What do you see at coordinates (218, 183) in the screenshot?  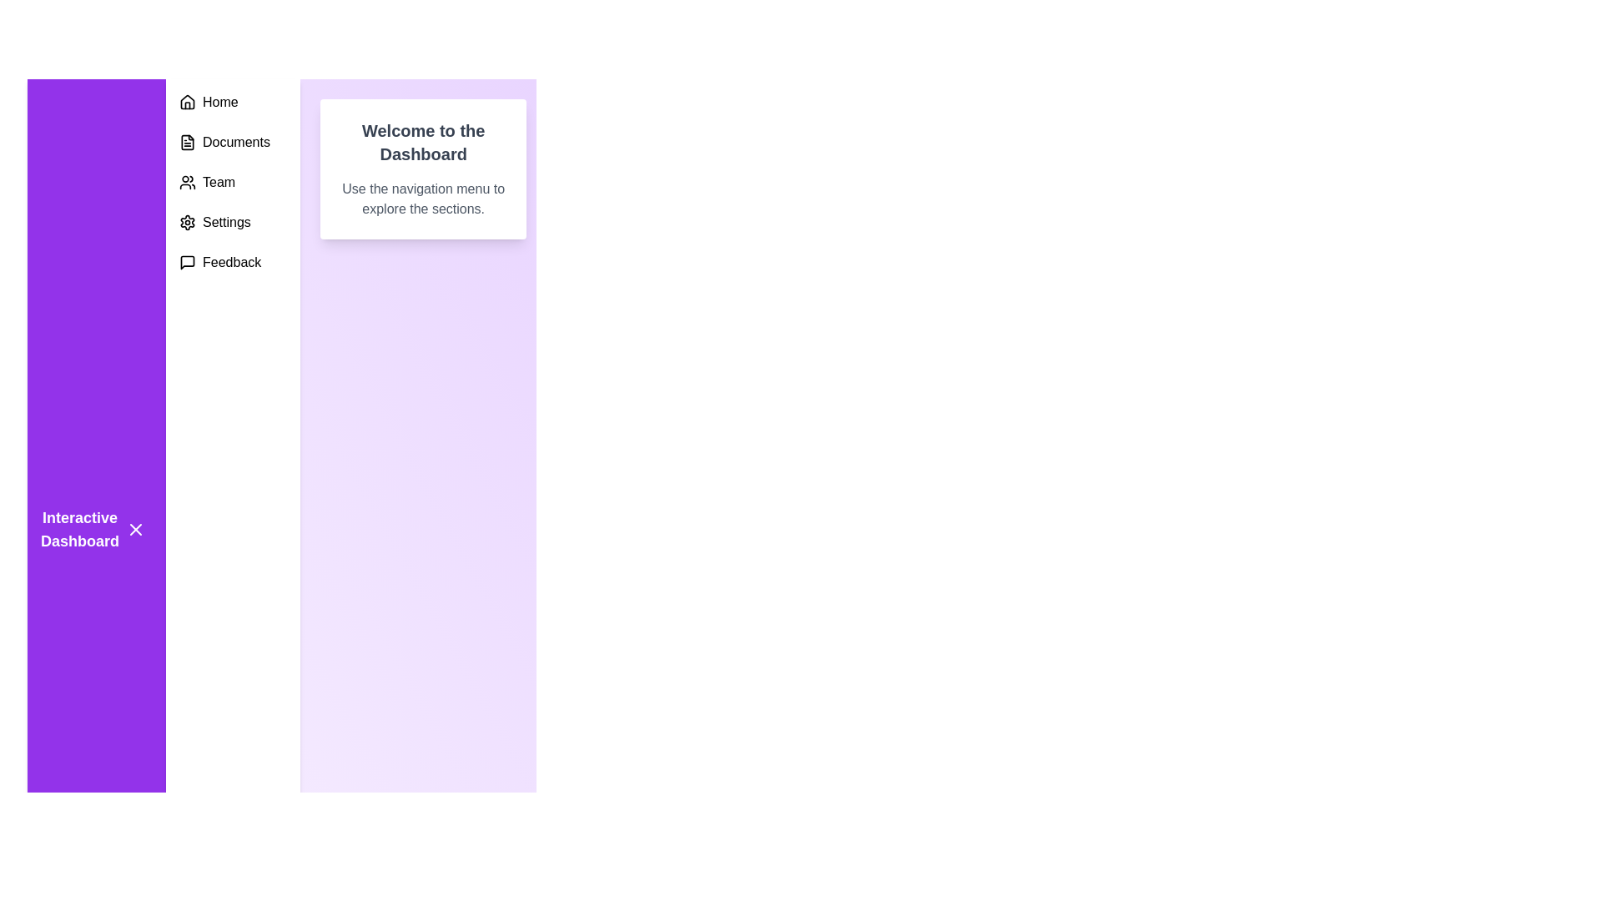 I see `the 'Team' text label located in the vertical menu on the left-hand side of the interface` at bounding box center [218, 183].